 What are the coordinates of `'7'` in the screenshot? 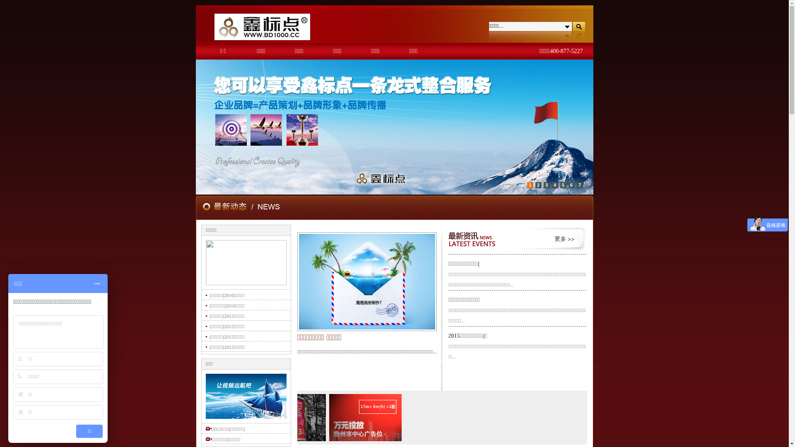 It's located at (579, 185).